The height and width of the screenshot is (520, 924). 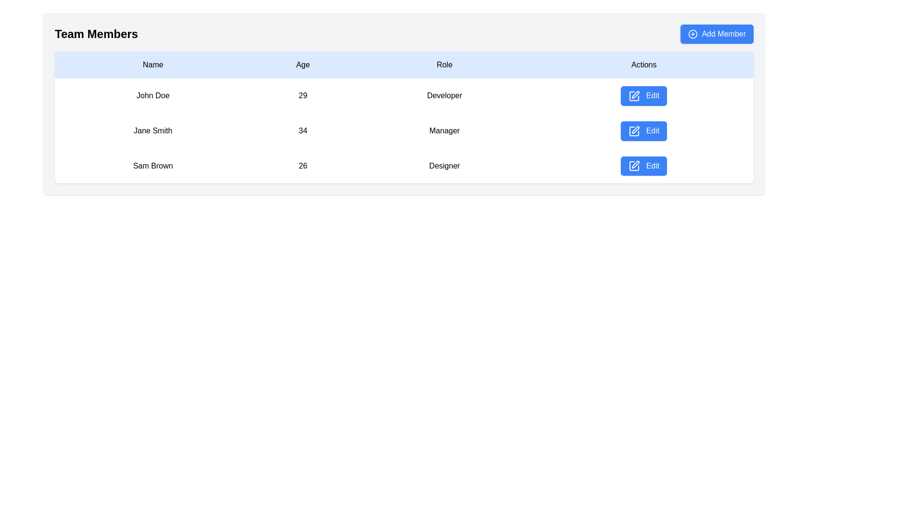 What do you see at coordinates (644, 165) in the screenshot?
I see `the edit button located in the 'Actions' column of the last row in the table for 'Sam Brown'` at bounding box center [644, 165].